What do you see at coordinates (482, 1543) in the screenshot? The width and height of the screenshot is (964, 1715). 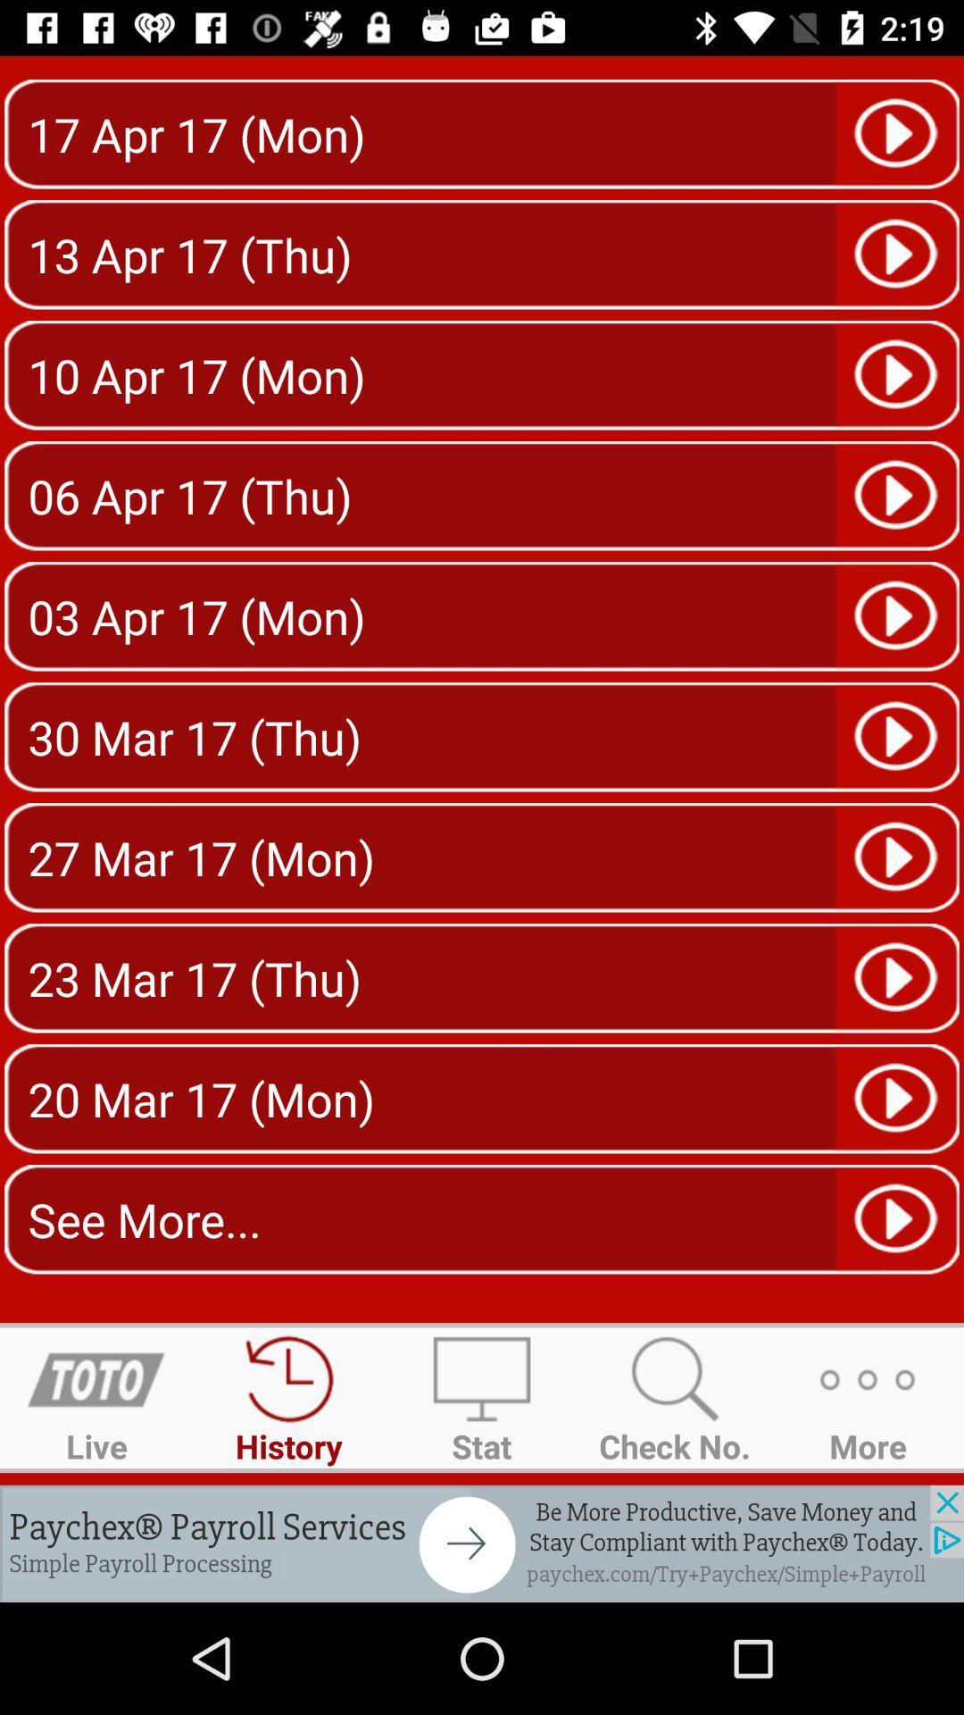 I see `payroll services` at bounding box center [482, 1543].